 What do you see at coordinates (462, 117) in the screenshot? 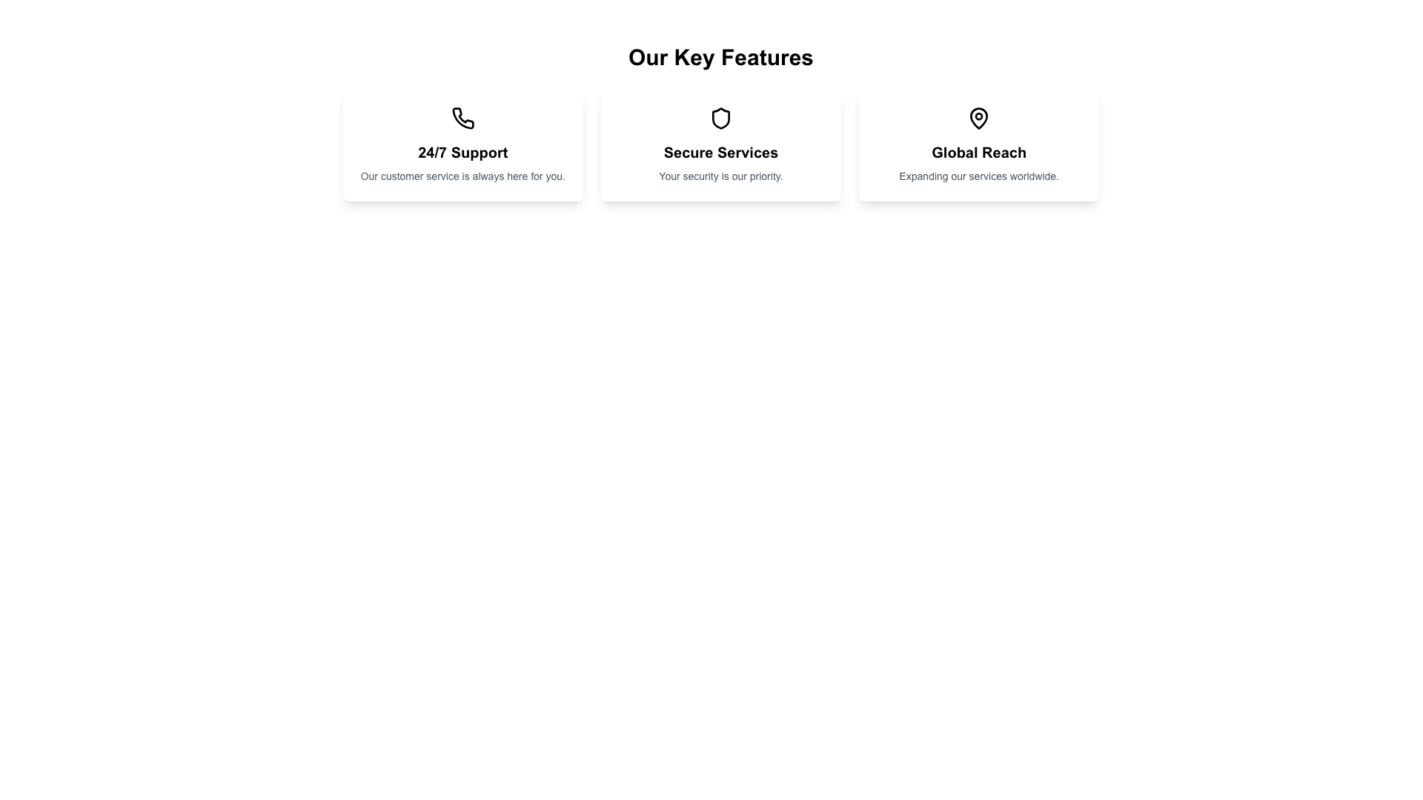
I see `the phone receiver icon, which is a minimalistic line art style icon located at the top-middle of the '24/7 Support' card` at bounding box center [462, 117].